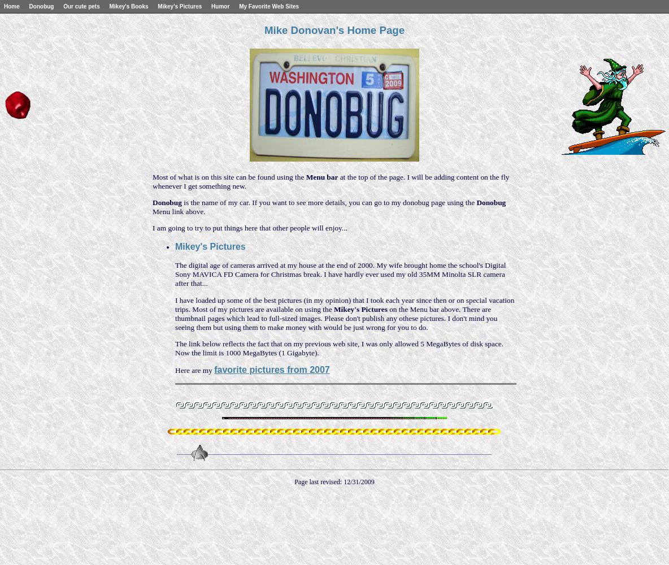  What do you see at coordinates (6, 215) in the screenshot?
I see `'Best of 2006'` at bounding box center [6, 215].